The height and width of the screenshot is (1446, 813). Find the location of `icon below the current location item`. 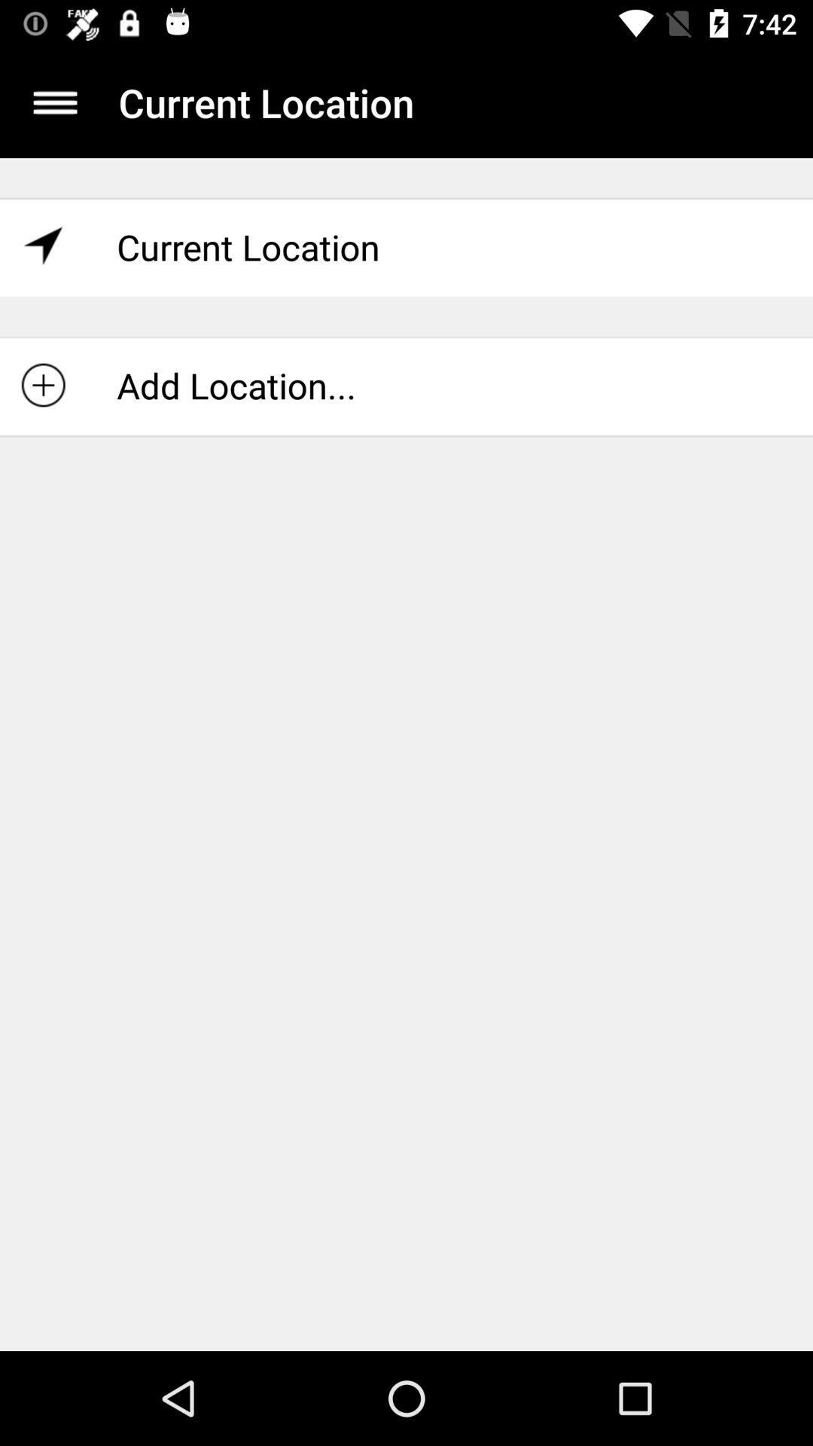

icon below the current location item is located at coordinates (406, 385).